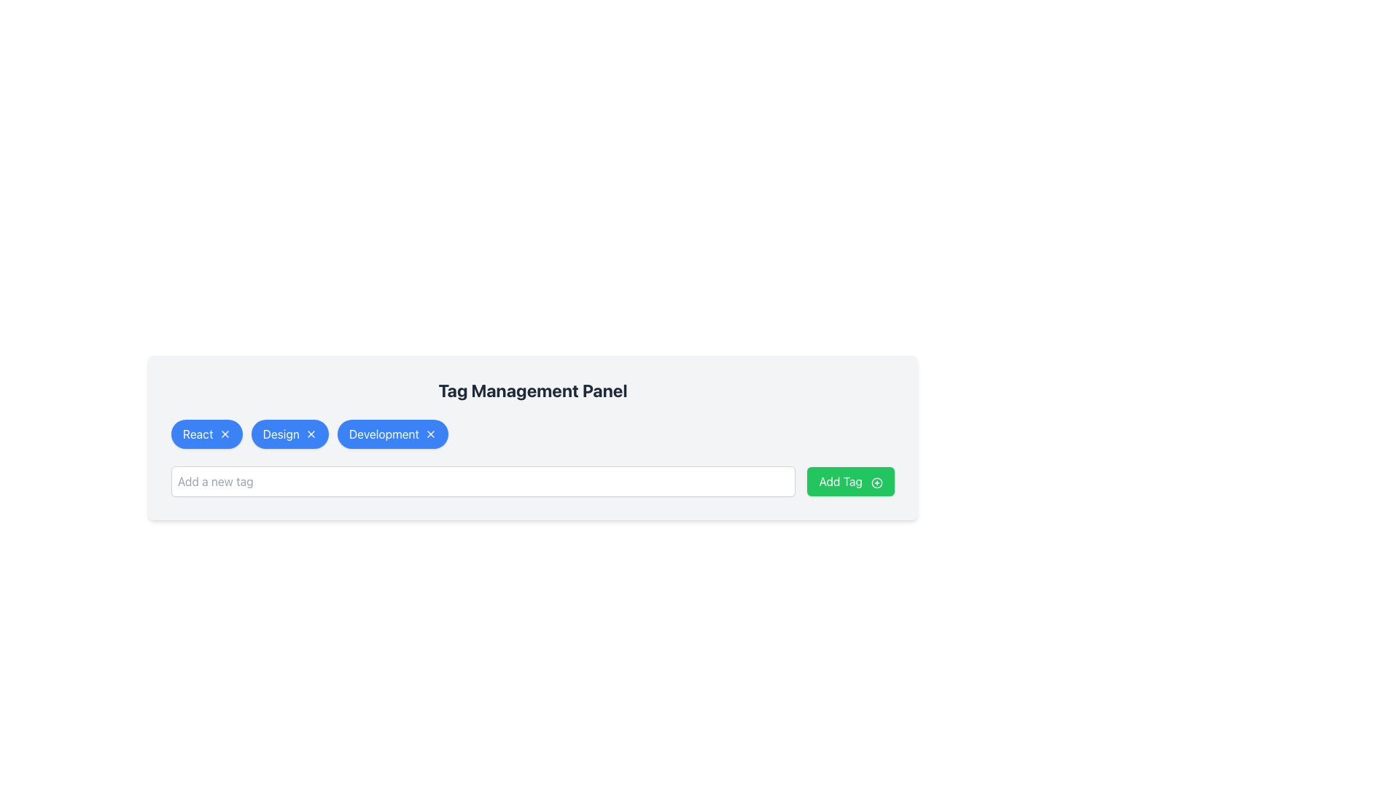 This screenshot has width=1400, height=787. Describe the element at coordinates (310, 434) in the screenshot. I see `the Icon button resembling a close or cancel icon with a white 'X' inside a blue circular background, located to the right of the text 'Design' within a tag component` at that location.